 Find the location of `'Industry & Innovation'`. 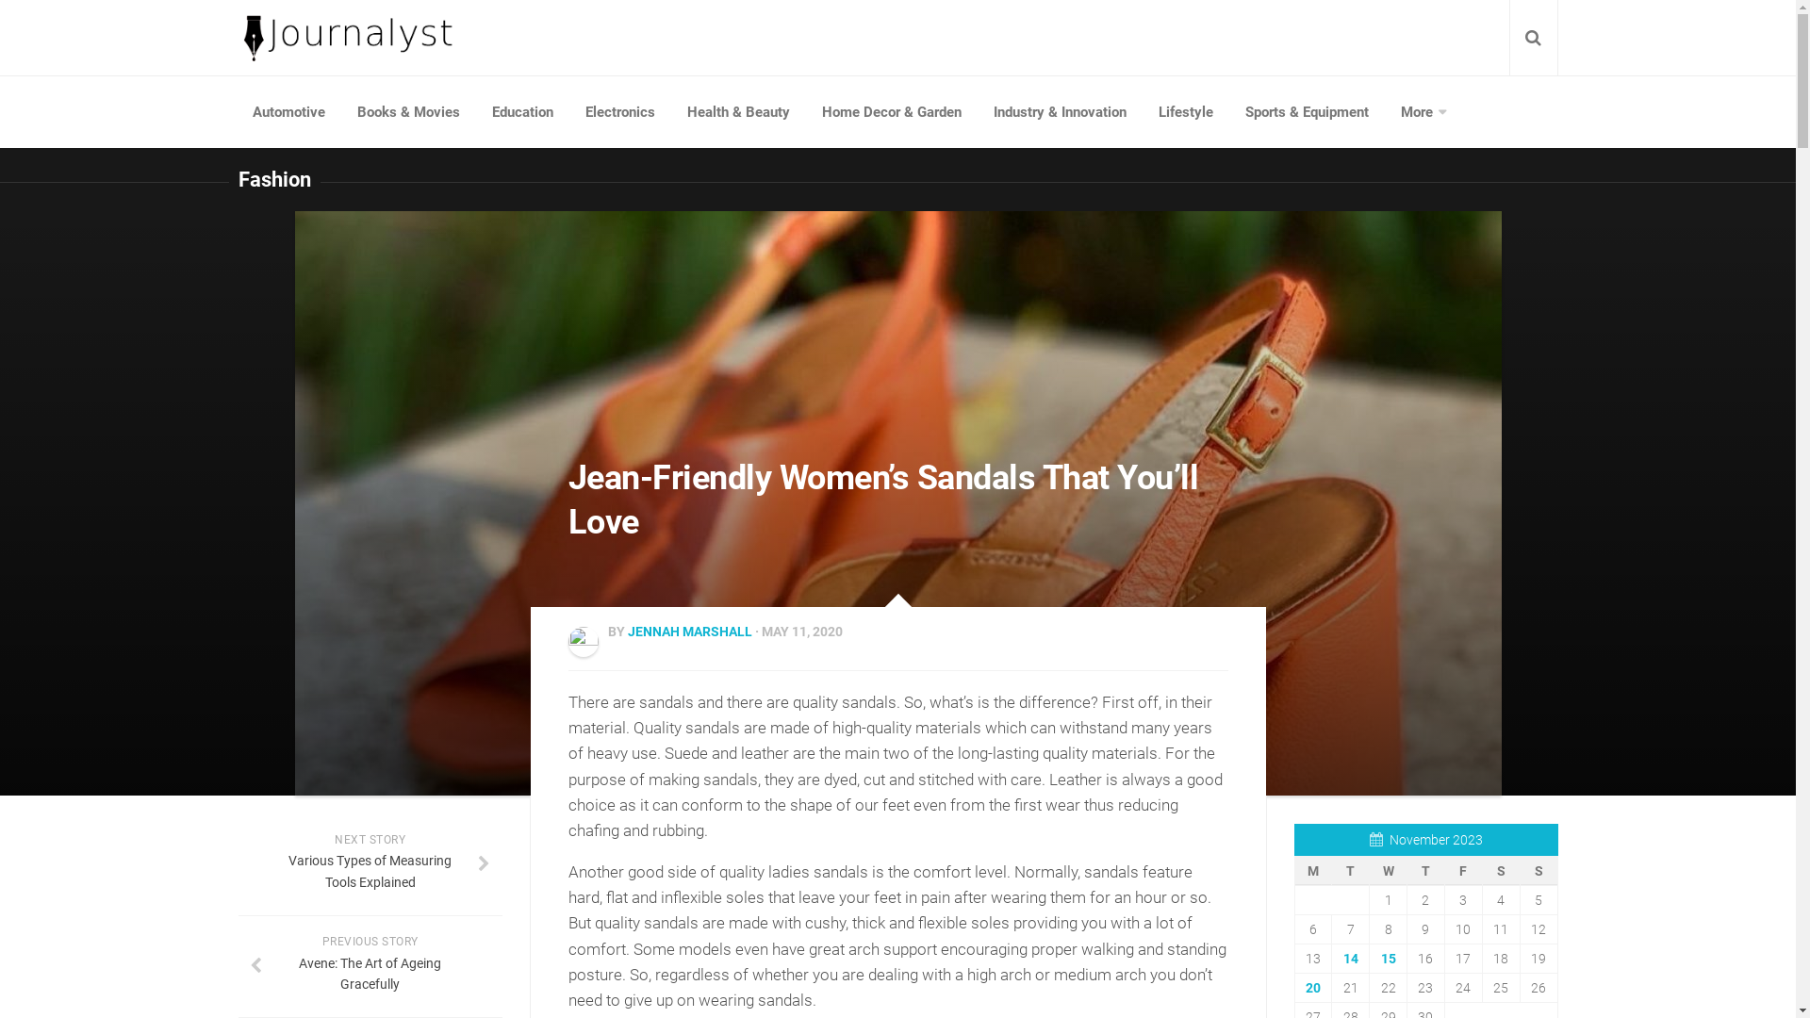

'Industry & Innovation' is located at coordinates (1059, 112).